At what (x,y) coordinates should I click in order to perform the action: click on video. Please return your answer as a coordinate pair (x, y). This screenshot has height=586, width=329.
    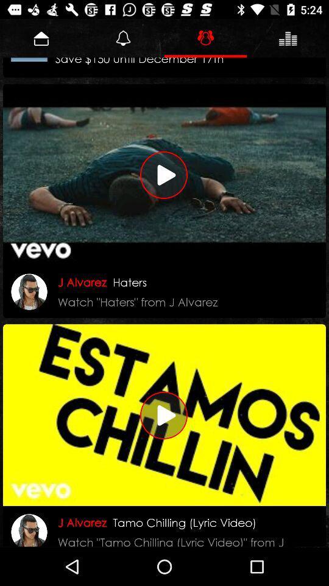
    Looking at the image, I should click on (164, 174).